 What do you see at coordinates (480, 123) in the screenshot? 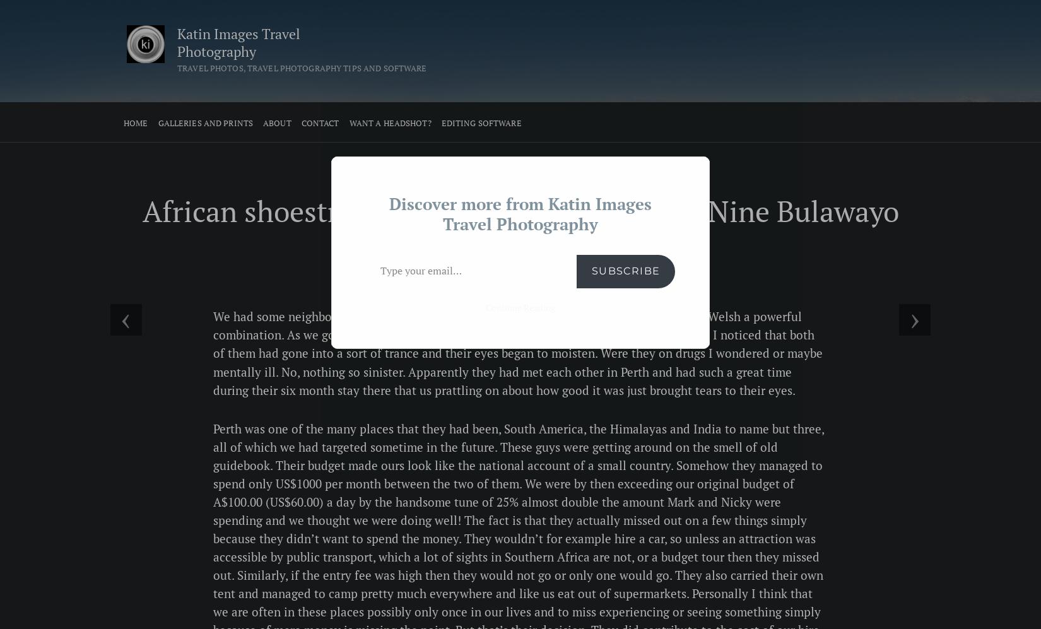
I see `'Editing Software'` at bounding box center [480, 123].